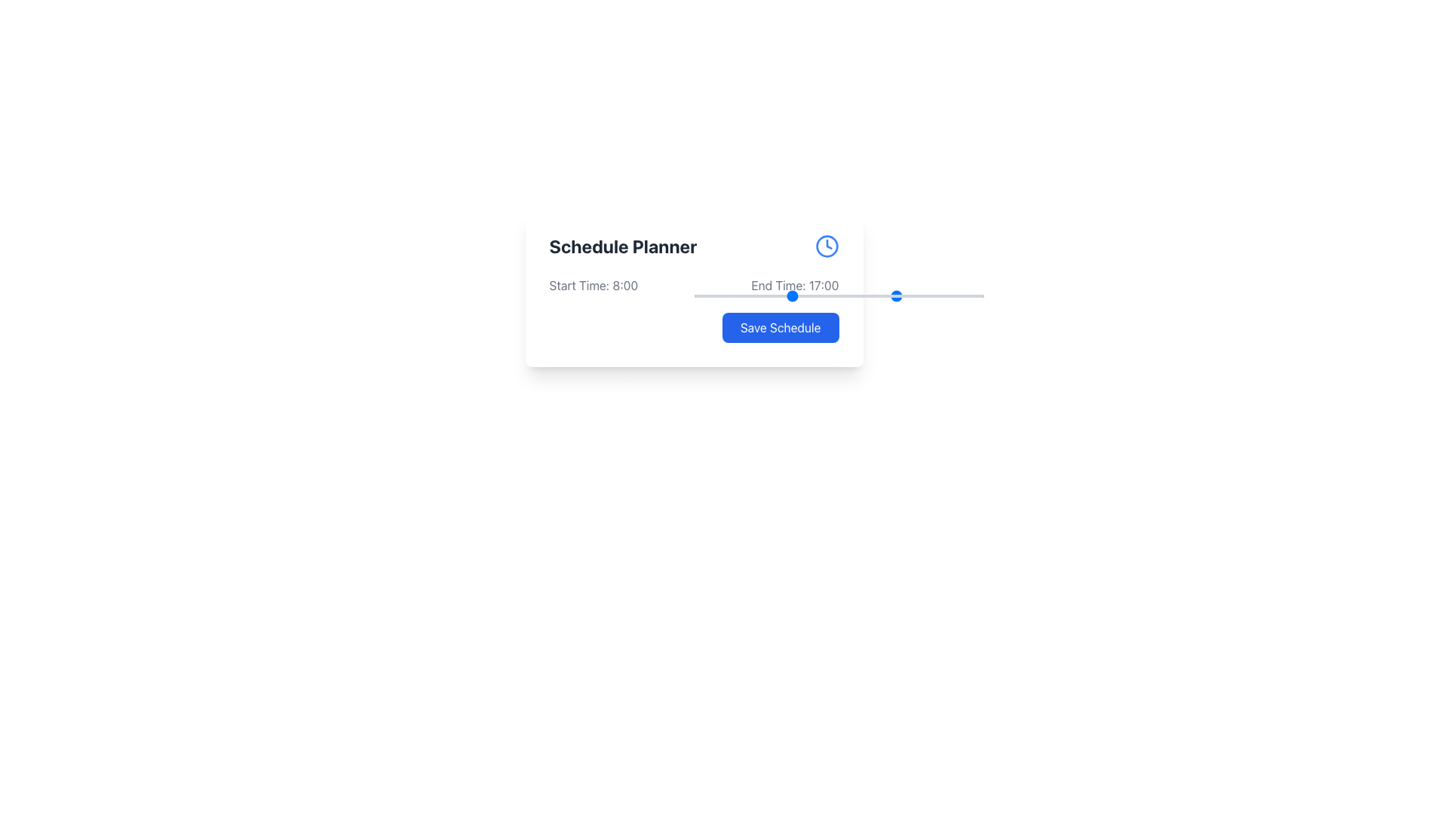  I want to click on the end time, so click(778, 296).